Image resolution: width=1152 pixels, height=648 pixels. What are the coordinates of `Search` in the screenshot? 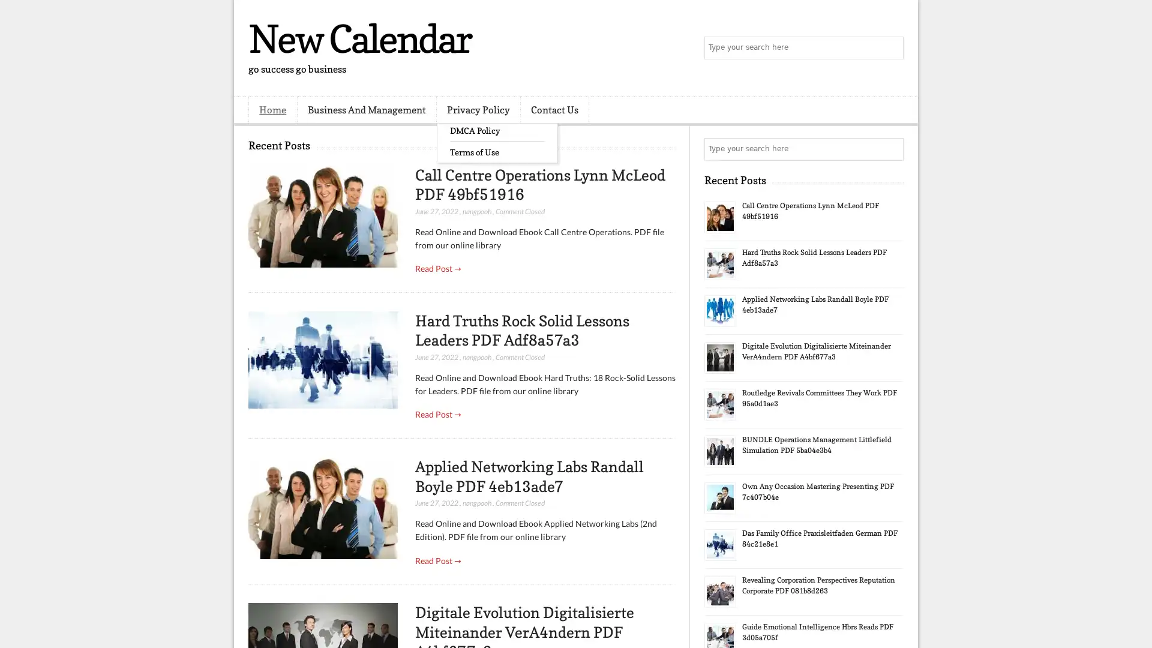 It's located at (891, 48).